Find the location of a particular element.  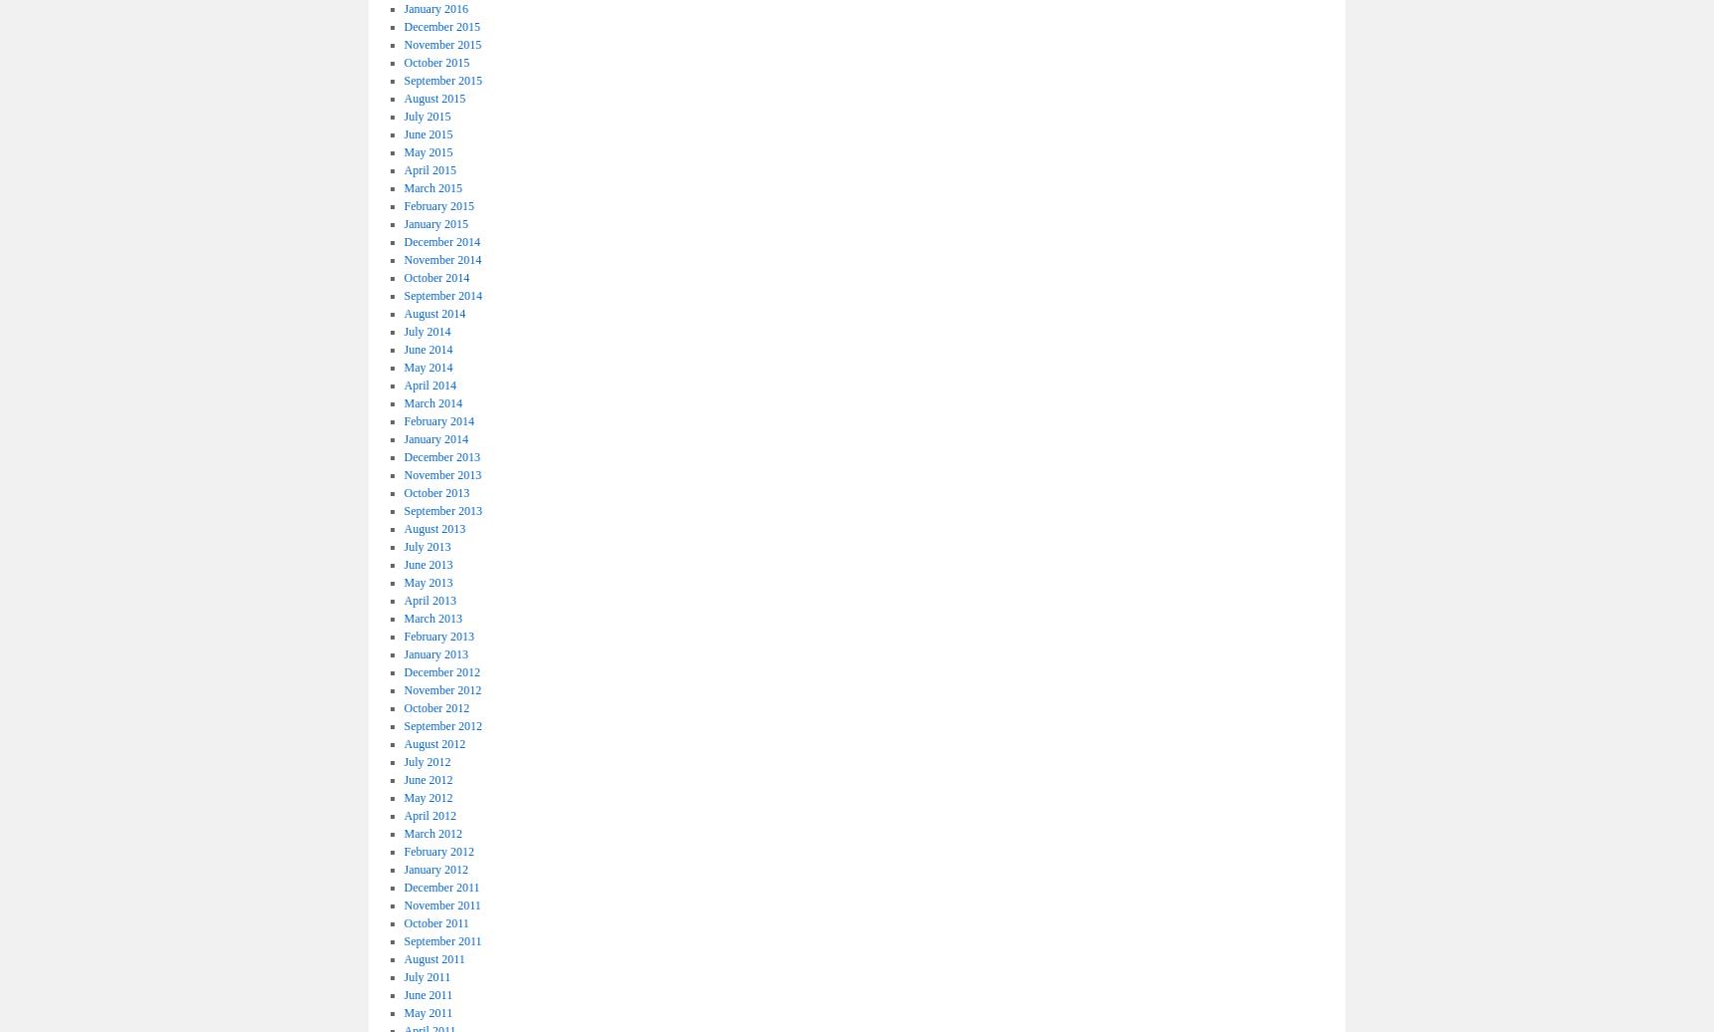

'September 2015' is located at coordinates (440, 79).